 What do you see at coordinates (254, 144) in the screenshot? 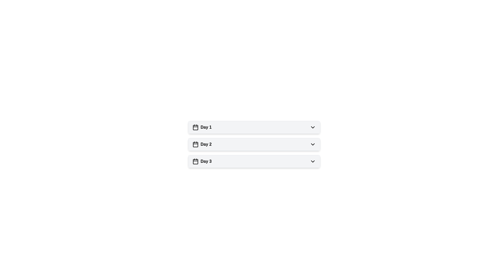
I see `the interactive list item labeled 'Day 2'` at bounding box center [254, 144].